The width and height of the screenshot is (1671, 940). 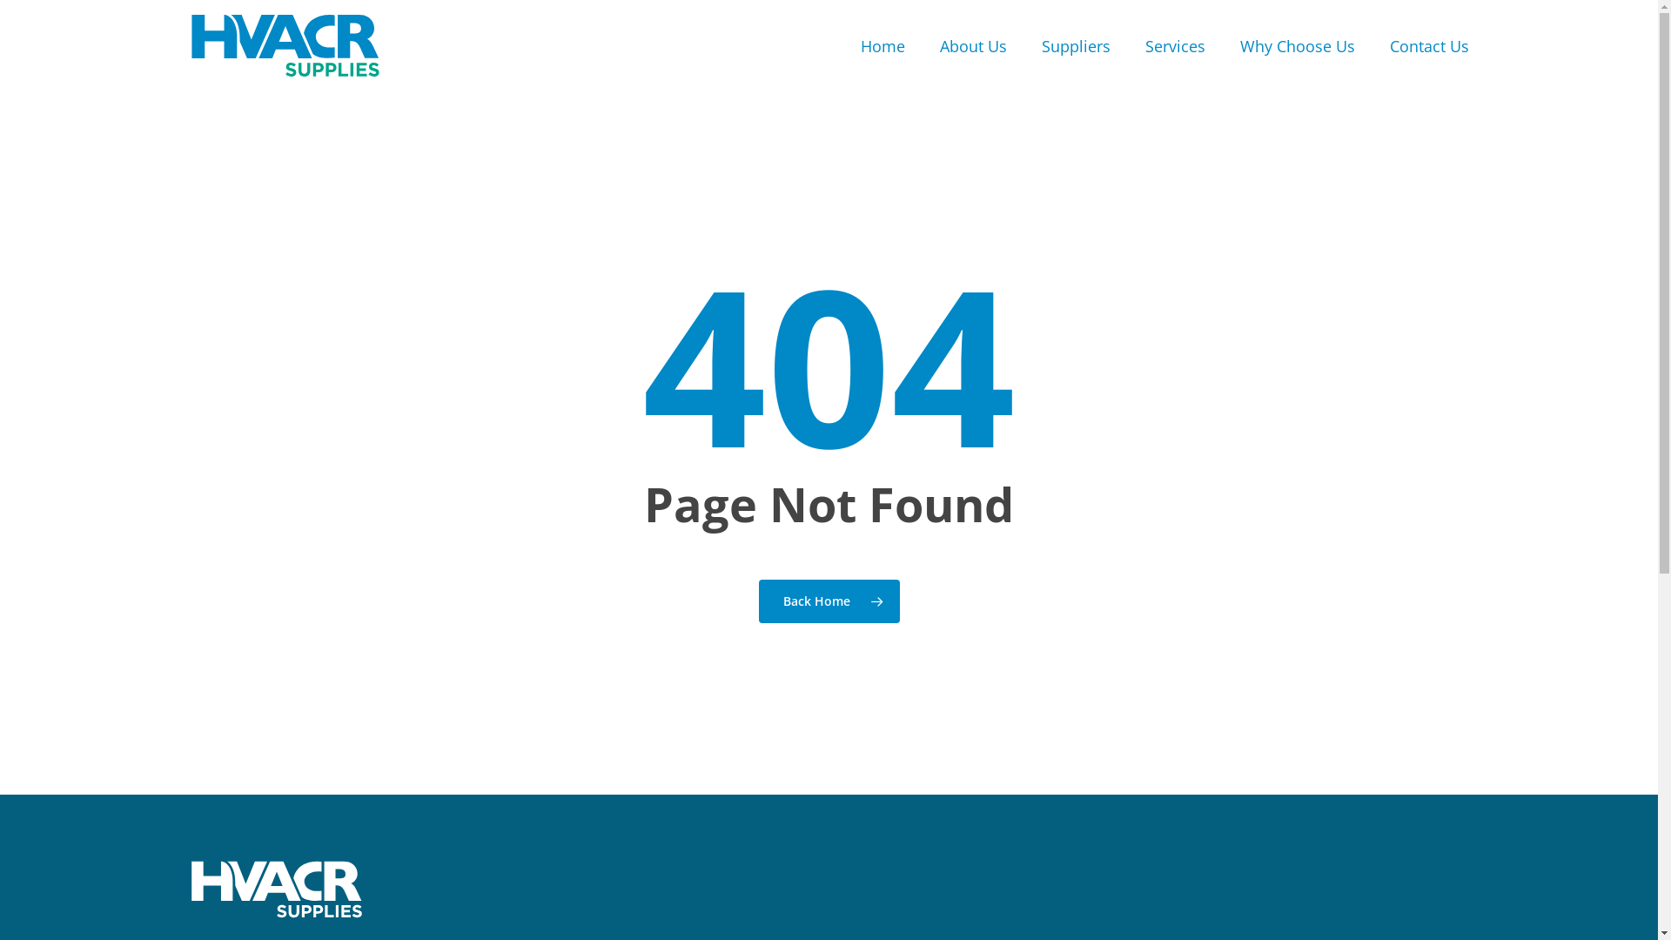 I want to click on 'About Us', so click(x=972, y=45).